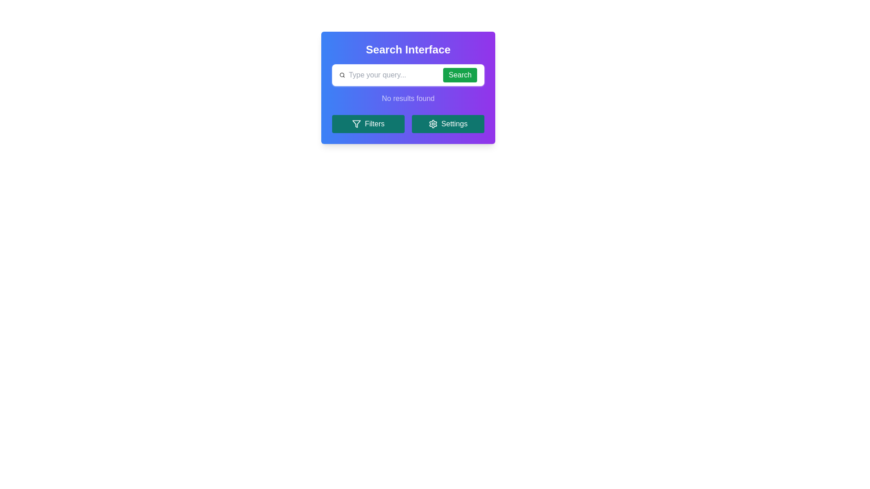 The width and height of the screenshot is (870, 489). What do you see at coordinates (433, 124) in the screenshot?
I see `the settings icon located within the teal-green rectangle at the bottom-right of the card-like interface` at bounding box center [433, 124].